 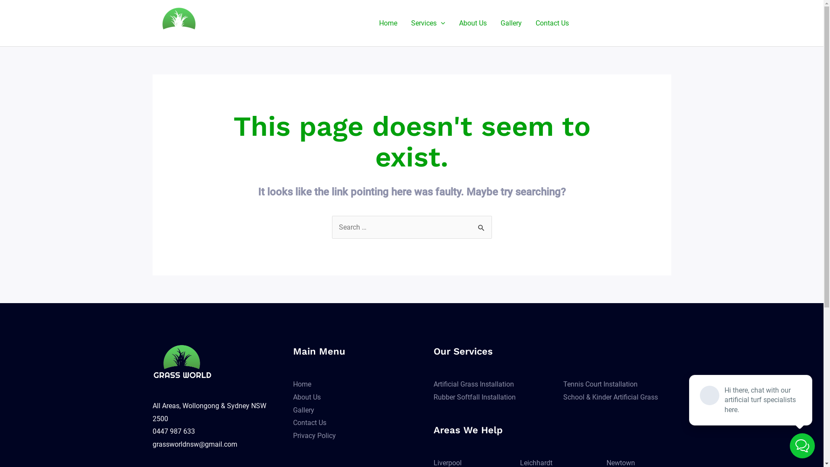 I want to click on 'About Us', so click(x=472, y=22).